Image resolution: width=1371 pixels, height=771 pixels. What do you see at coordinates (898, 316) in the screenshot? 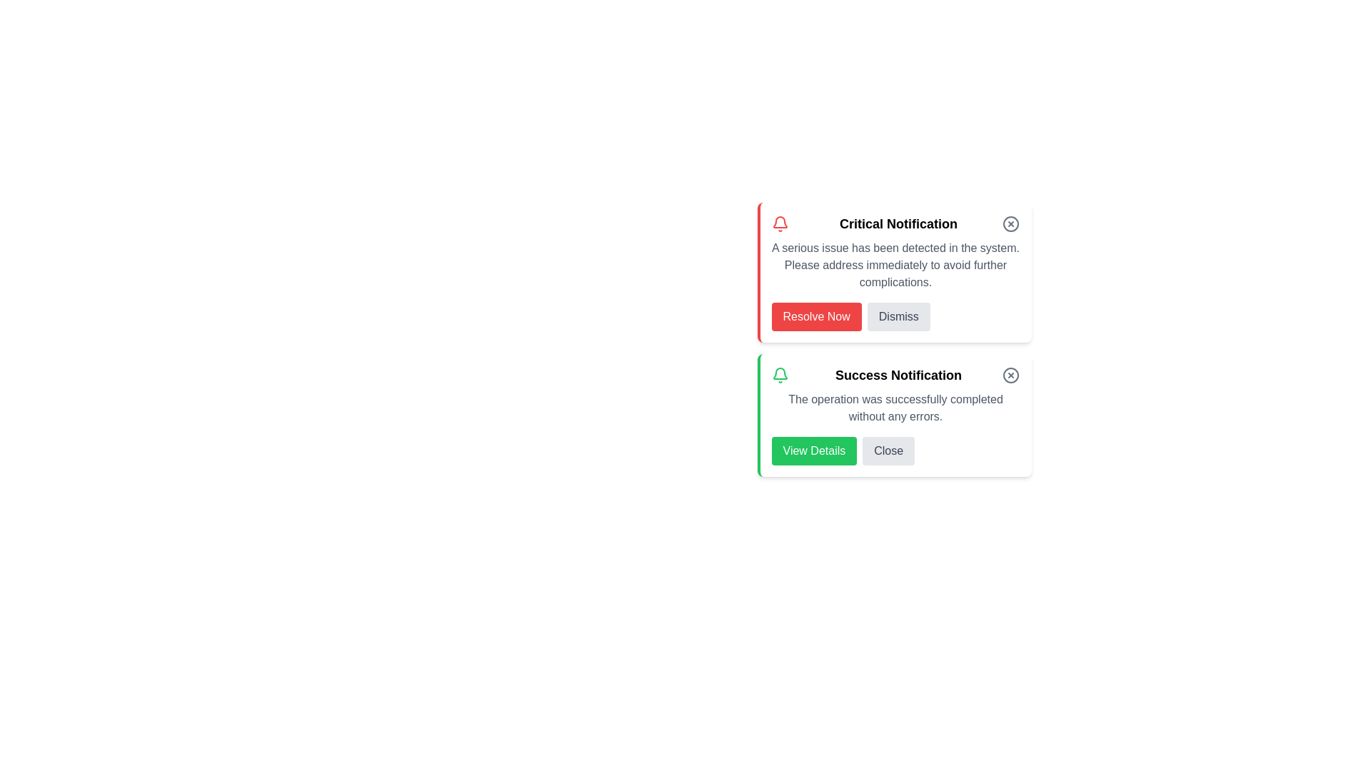
I see `the dismiss button located in the notification panel` at bounding box center [898, 316].